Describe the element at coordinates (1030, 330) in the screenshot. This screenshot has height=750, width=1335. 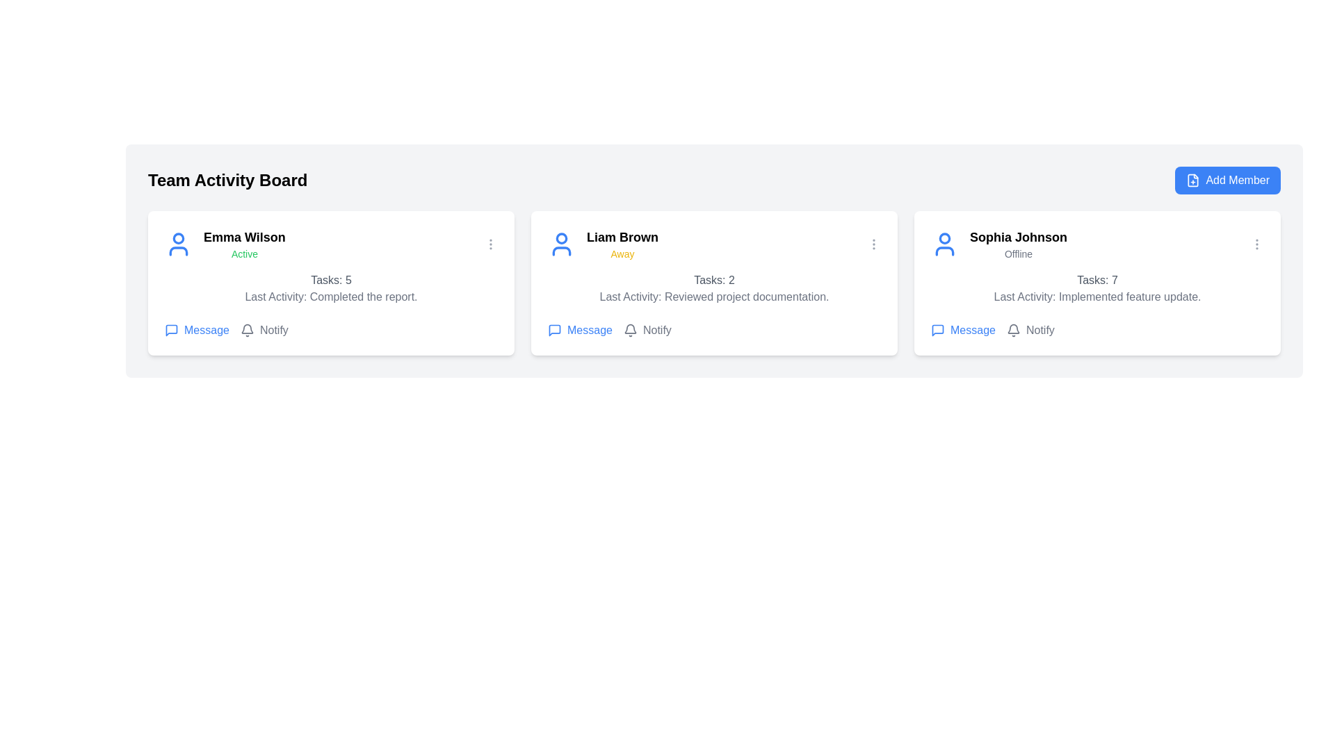
I see `the interactive button to the right of the 'Message' option for 'Sophia Johnson'` at that location.